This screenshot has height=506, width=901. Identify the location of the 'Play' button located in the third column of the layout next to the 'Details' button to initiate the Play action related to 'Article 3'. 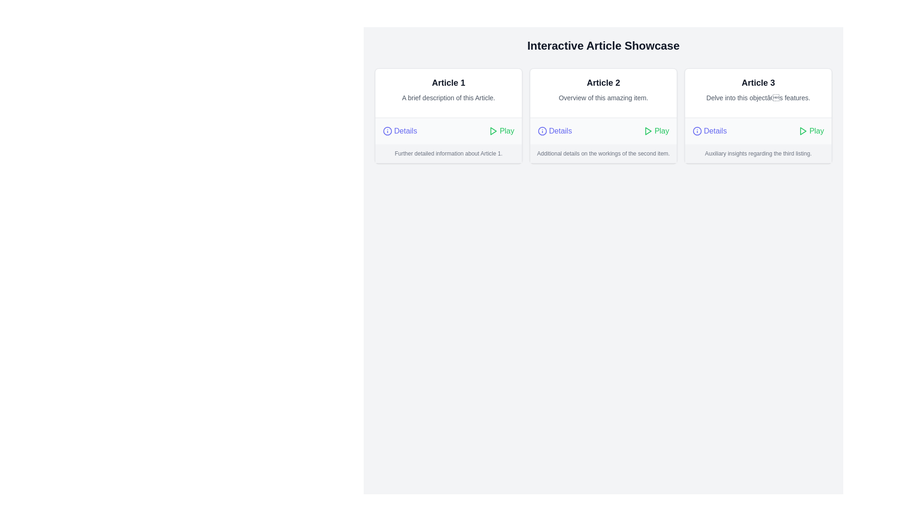
(810, 131).